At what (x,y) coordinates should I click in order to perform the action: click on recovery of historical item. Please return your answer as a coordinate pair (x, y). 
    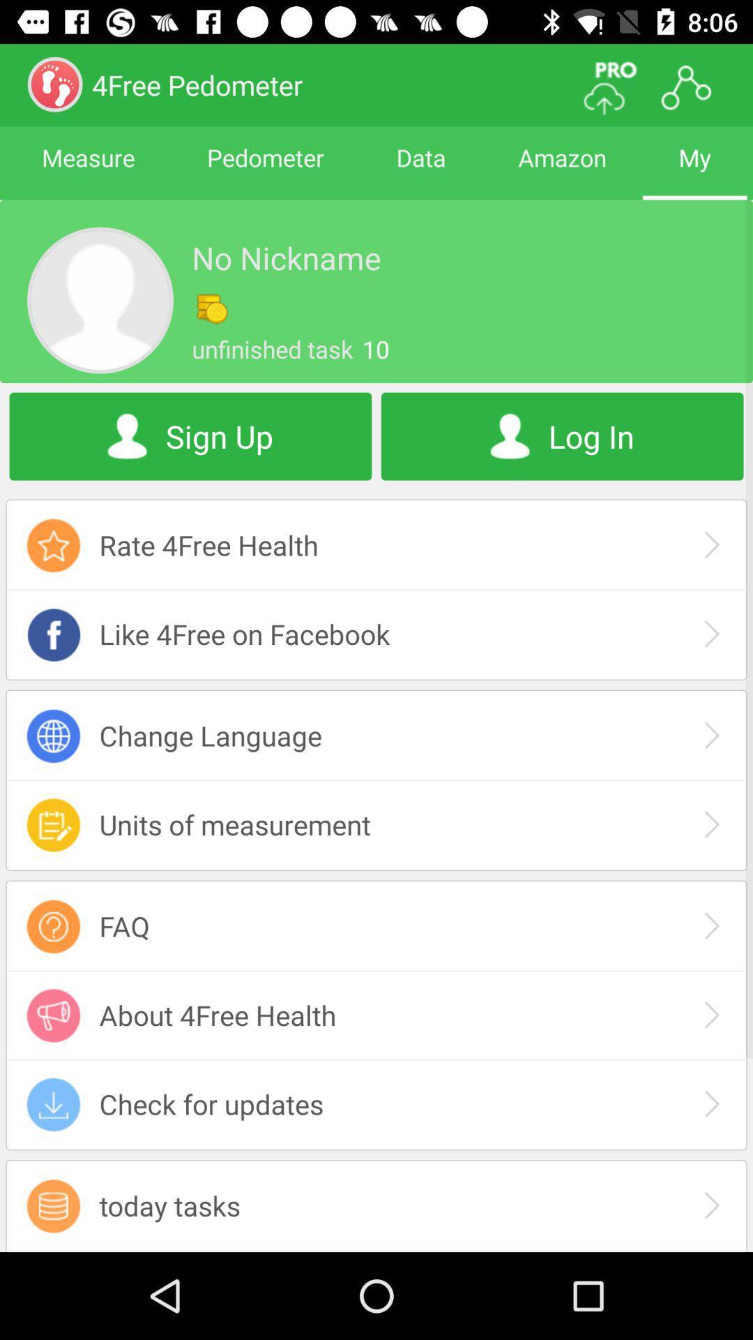
    Looking at the image, I should click on (376, 1251).